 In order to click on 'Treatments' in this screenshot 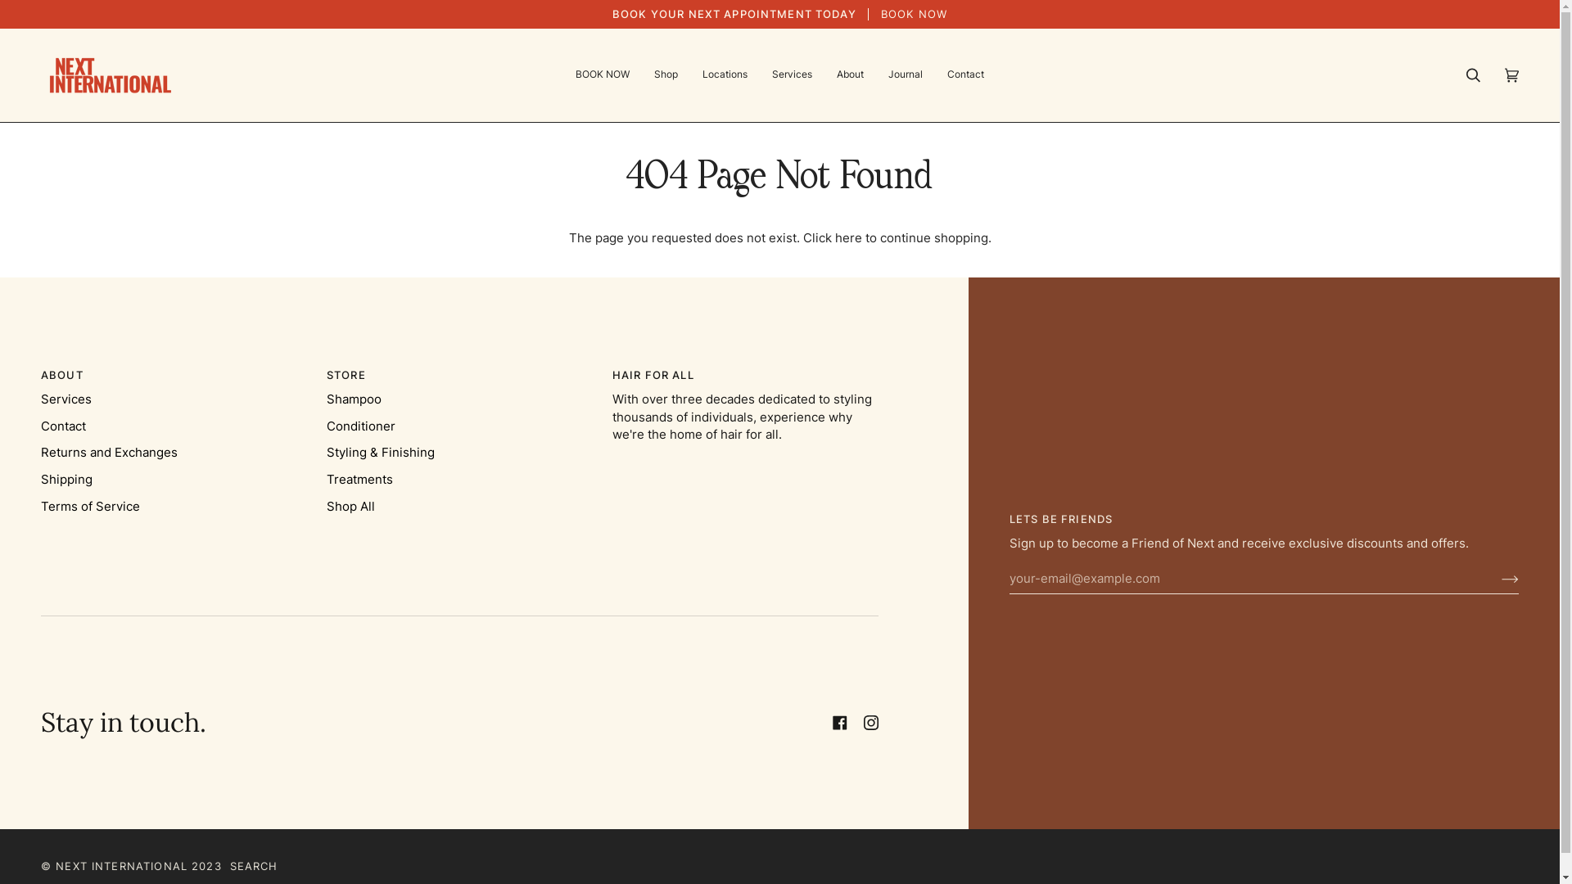, I will do `click(359, 479)`.